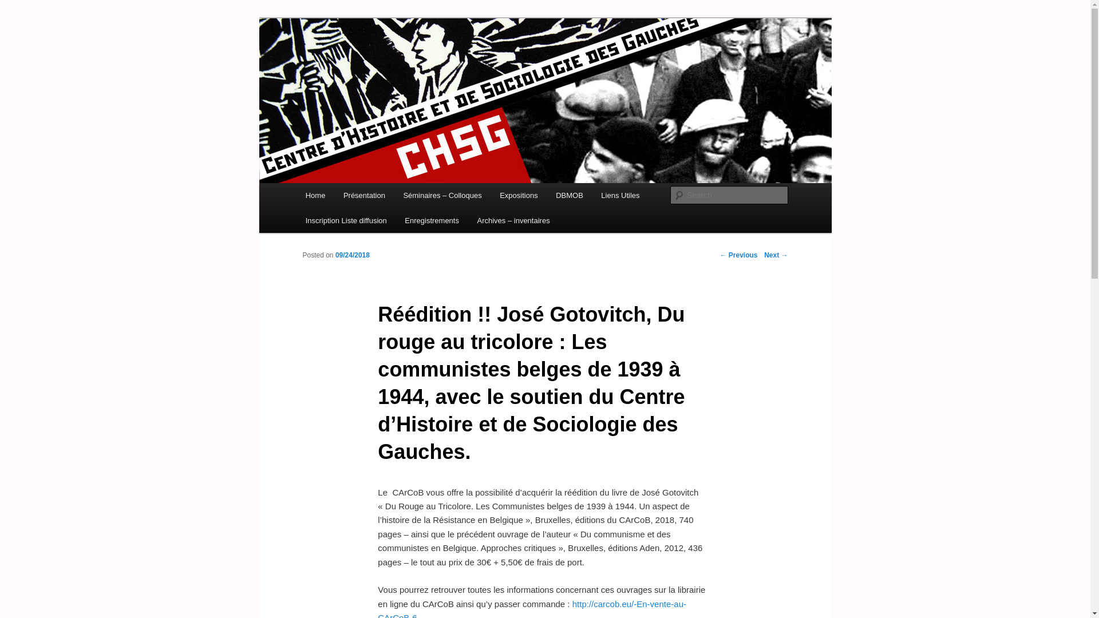 This screenshot has height=618, width=1099. What do you see at coordinates (518, 195) in the screenshot?
I see `'Expositions'` at bounding box center [518, 195].